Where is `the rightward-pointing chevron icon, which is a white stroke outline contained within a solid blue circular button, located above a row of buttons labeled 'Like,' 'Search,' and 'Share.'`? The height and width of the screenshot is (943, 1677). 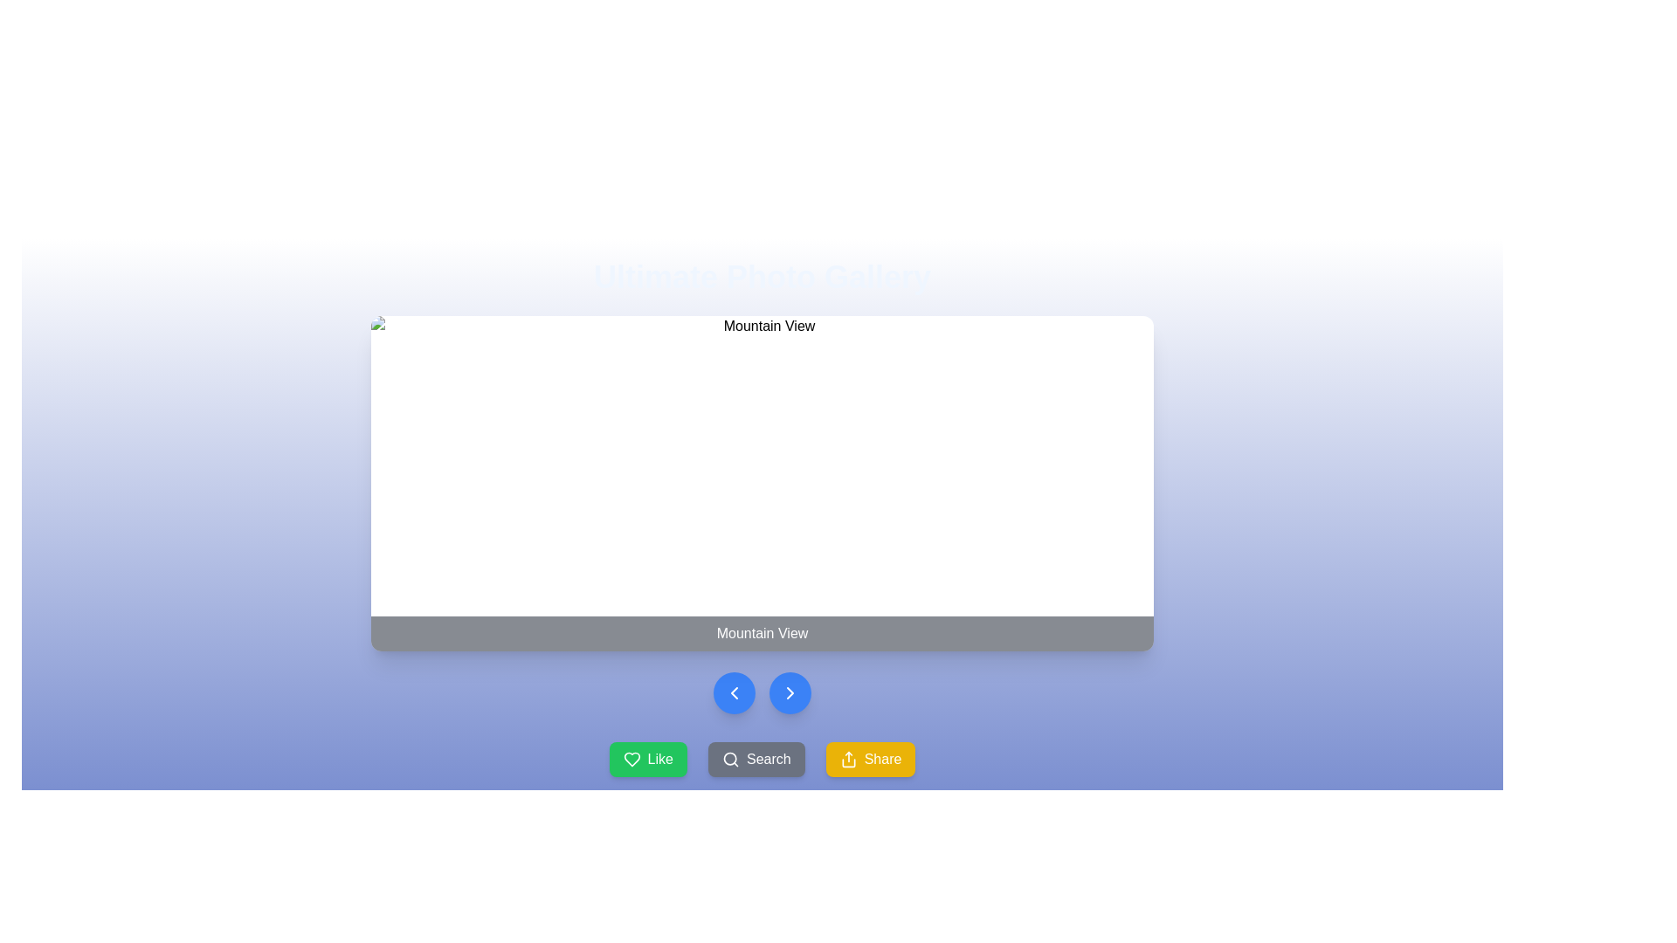
the rightward-pointing chevron icon, which is a white stroke outline contained within a solid blue circular button, located above a row of buttons labeled 'Like,' 'Search,' and 'Share.' is located at coordinates (790, 692).